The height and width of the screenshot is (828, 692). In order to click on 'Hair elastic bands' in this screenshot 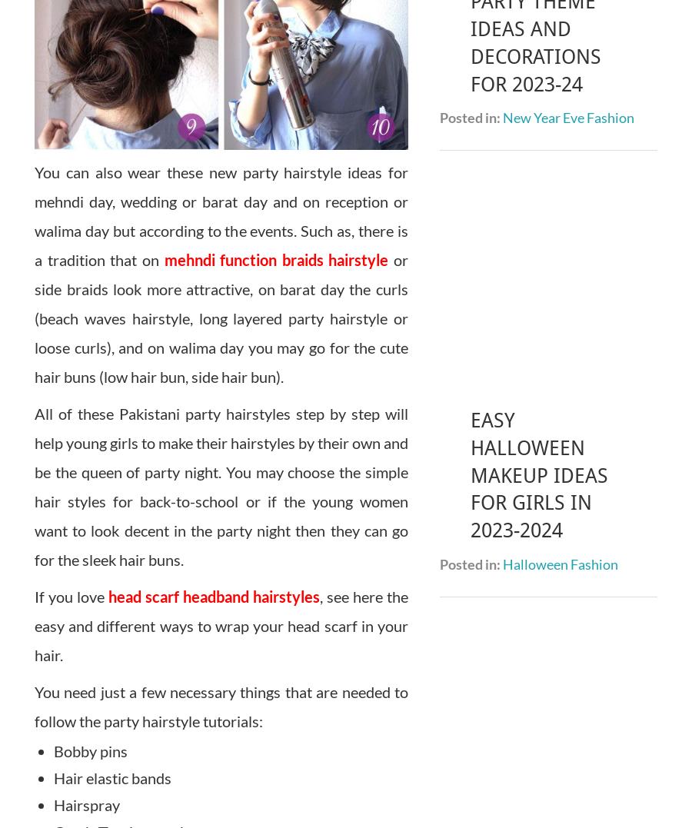, I will do `click(112, 776)`.